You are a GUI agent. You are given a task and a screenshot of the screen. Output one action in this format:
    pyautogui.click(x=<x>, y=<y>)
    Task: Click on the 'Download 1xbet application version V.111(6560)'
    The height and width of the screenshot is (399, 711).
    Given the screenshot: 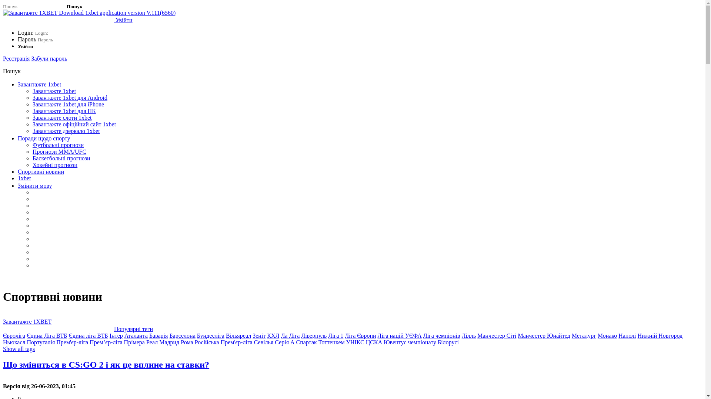 What is the action you would take?
    pyautogui.click(x=89, y=13)
    